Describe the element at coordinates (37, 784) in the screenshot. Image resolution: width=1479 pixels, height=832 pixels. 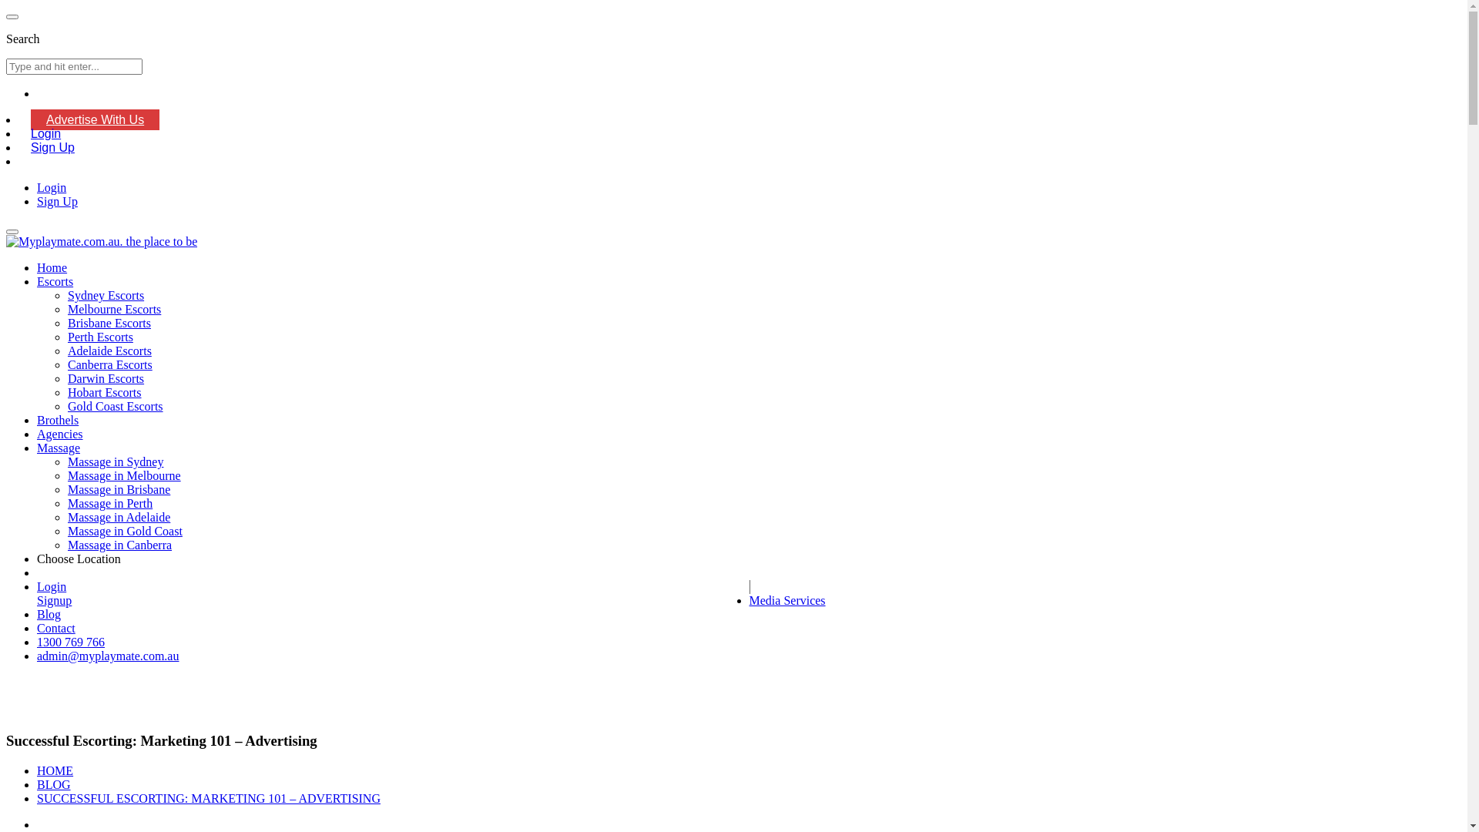
I see `'BLOG'` at that location.